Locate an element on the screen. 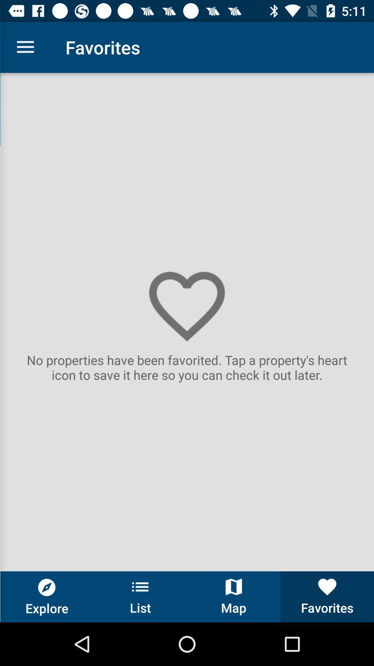  the icon to the left of the list item is located at coordinates (47, 596).